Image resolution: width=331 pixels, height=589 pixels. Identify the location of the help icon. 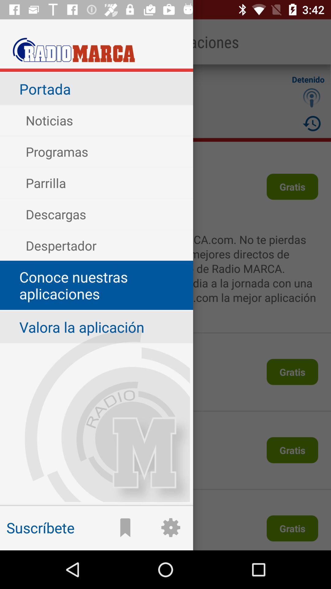
(312, 97).